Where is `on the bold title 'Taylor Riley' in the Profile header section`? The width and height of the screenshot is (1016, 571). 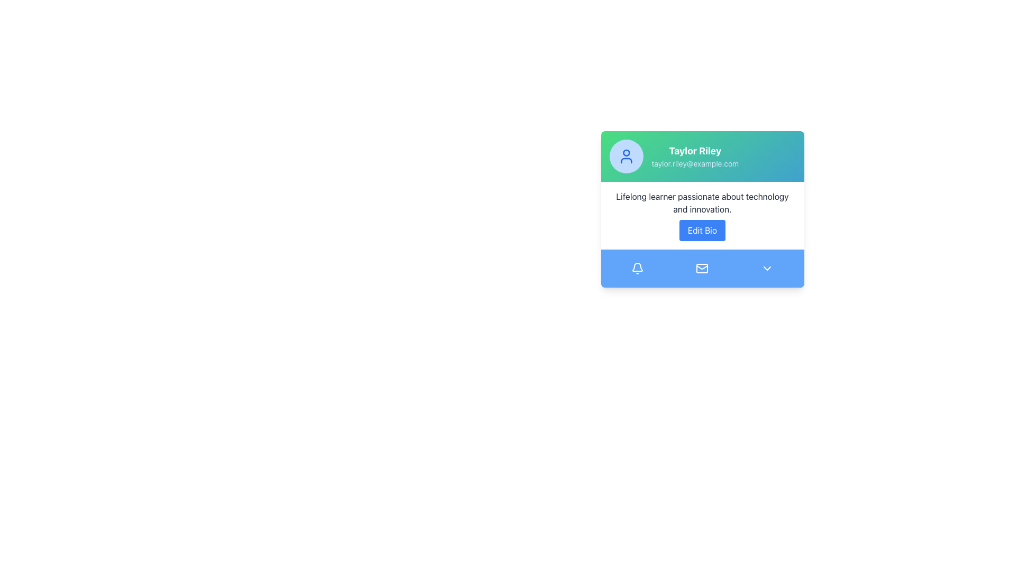
on the bold title 'Taylor Riley' in the Profile header section is located at coordinates (702, 156).